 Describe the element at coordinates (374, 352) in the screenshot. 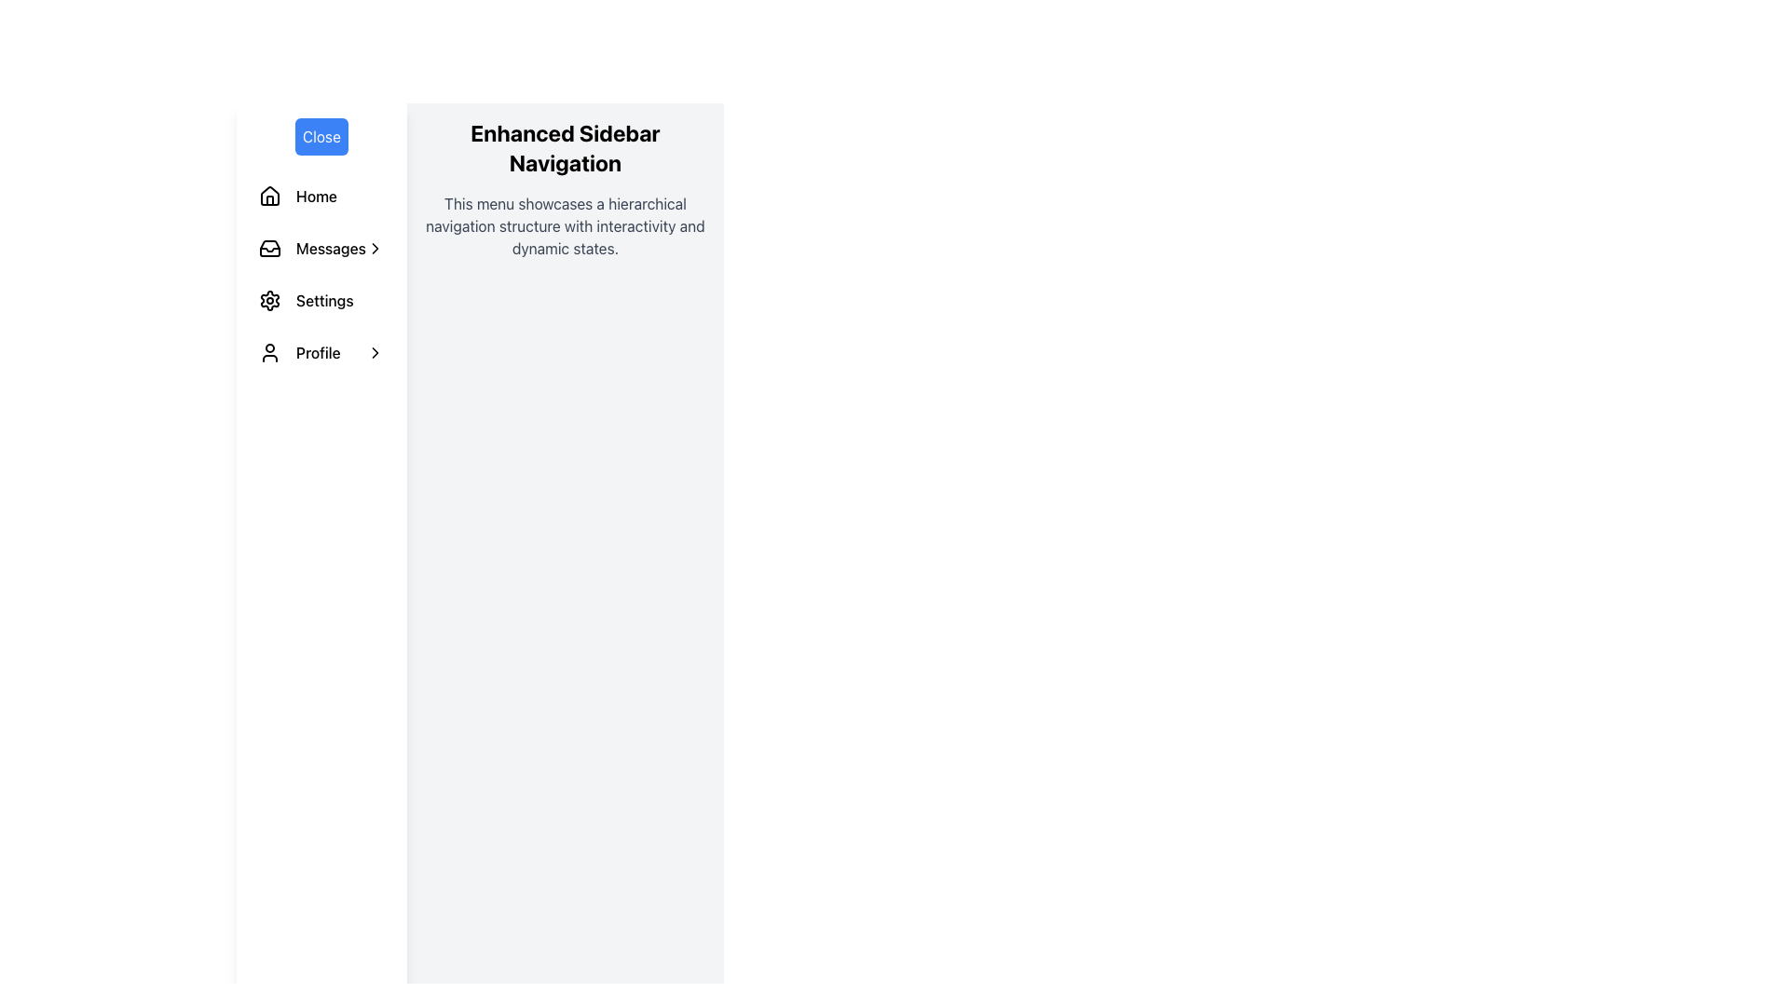

I see `the rightward-pointing chevron icon located at the far right of the 'Profile' item row in the vertical navigation bar` at that location.